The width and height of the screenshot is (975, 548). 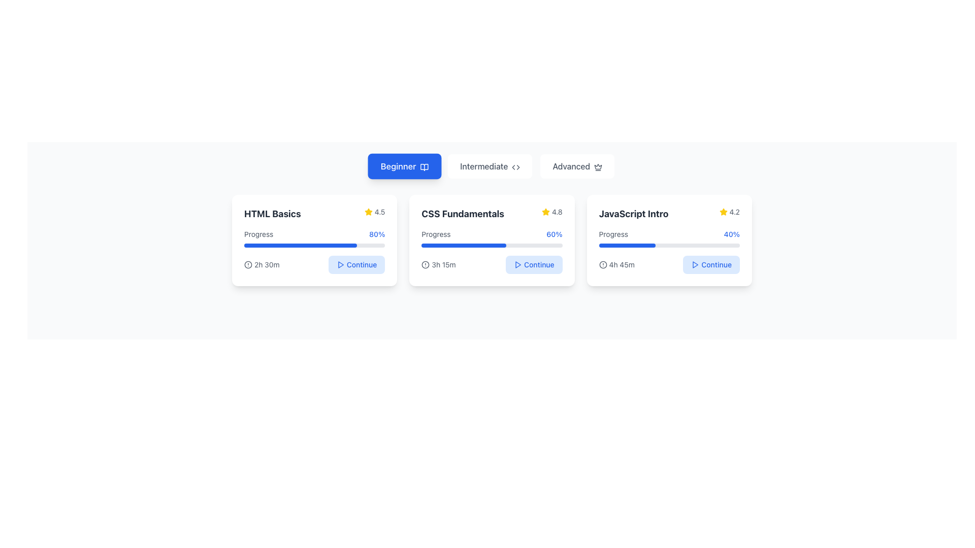 What do you see at coordinates (314, 238) in the screenshot?
I see `the progress visually by focusing on the progress bar located within the 'HTML Basics' card, situated below the rating information and above the '2h 30m' and 'Continue' section` at bounding box center [314, 238].